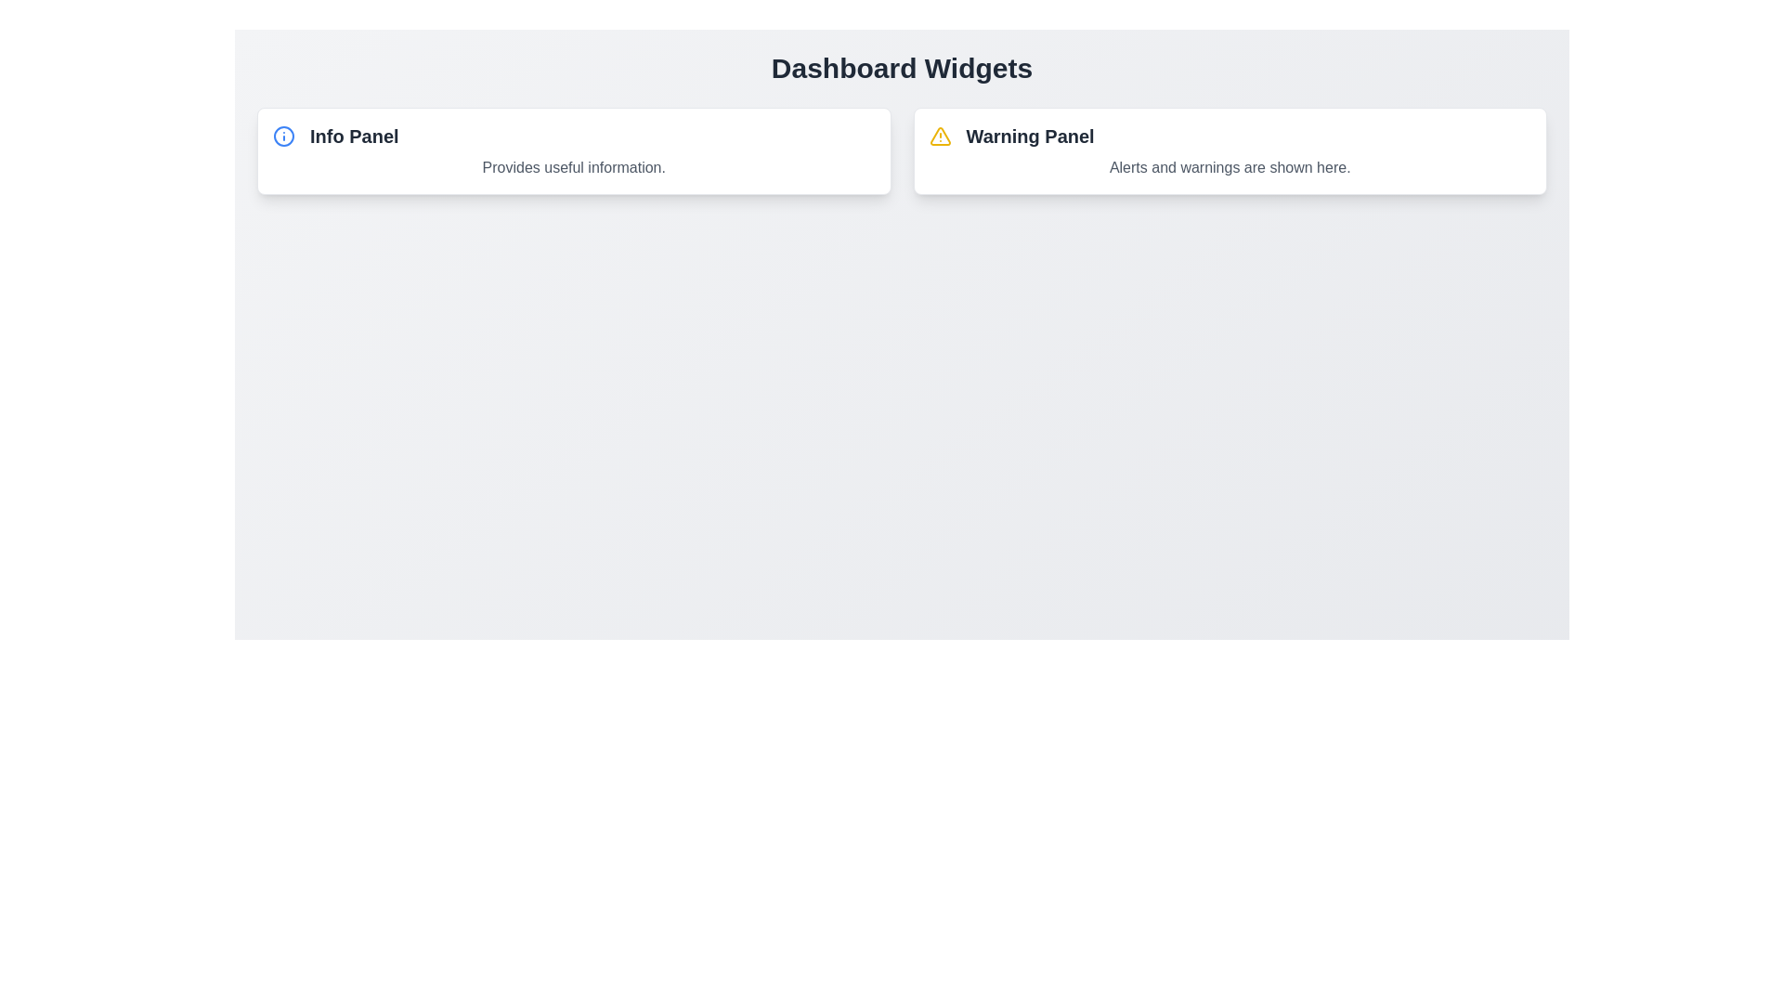  Describe the element at coordinates (573, 168) in the screenshot. I see `the static text element that contains the phrase 'Provides useful information.' It is styled in a subtle gray color and is located directly below the 'Info Panel' title text within a card-like component` at that location.